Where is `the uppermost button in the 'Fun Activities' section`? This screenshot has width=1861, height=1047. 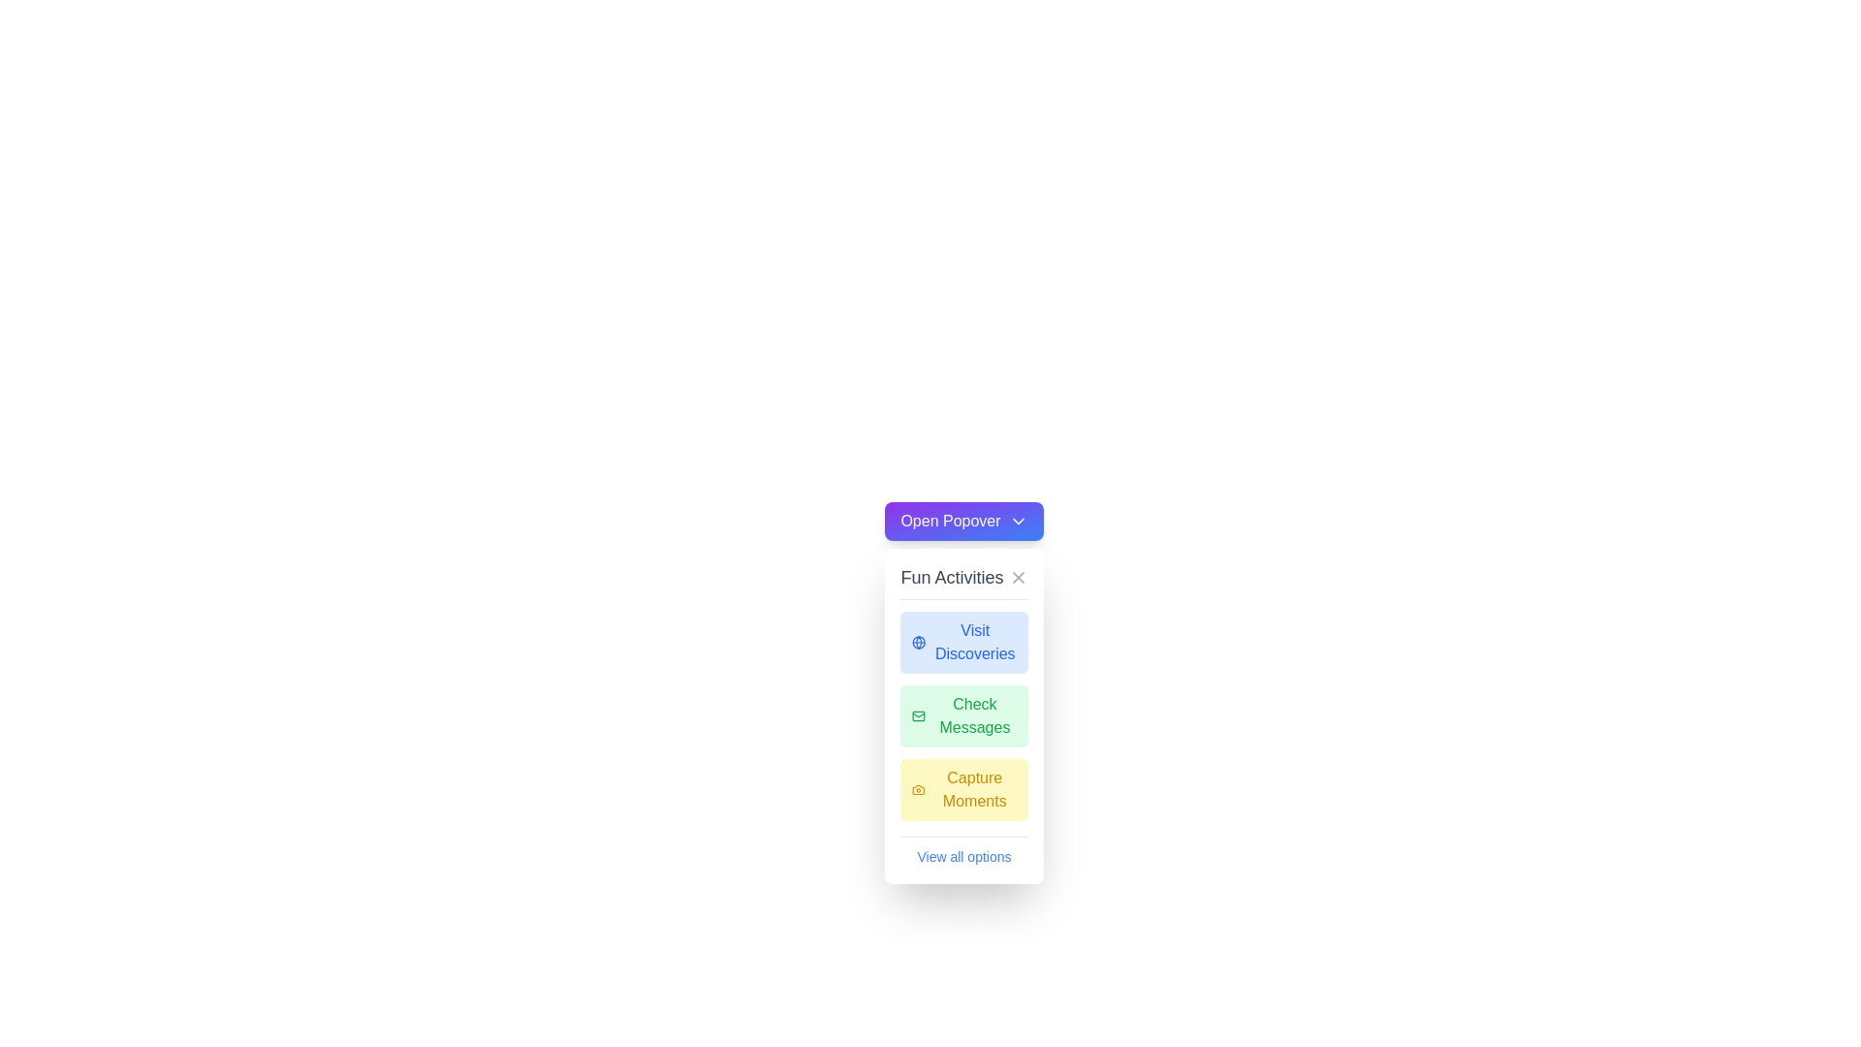
the uppermost button in the 'Fun Activities' section is located at coordinates (963, 643).